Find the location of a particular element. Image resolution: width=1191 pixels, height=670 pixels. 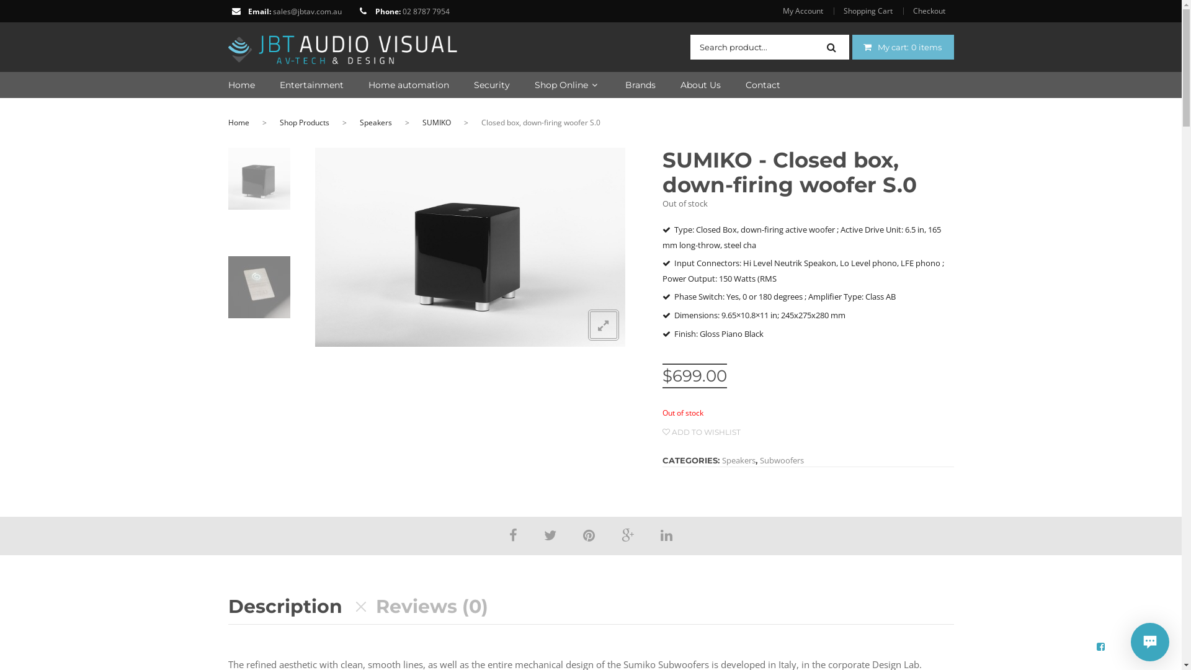

'Security' is located at coordinates (478, 84).